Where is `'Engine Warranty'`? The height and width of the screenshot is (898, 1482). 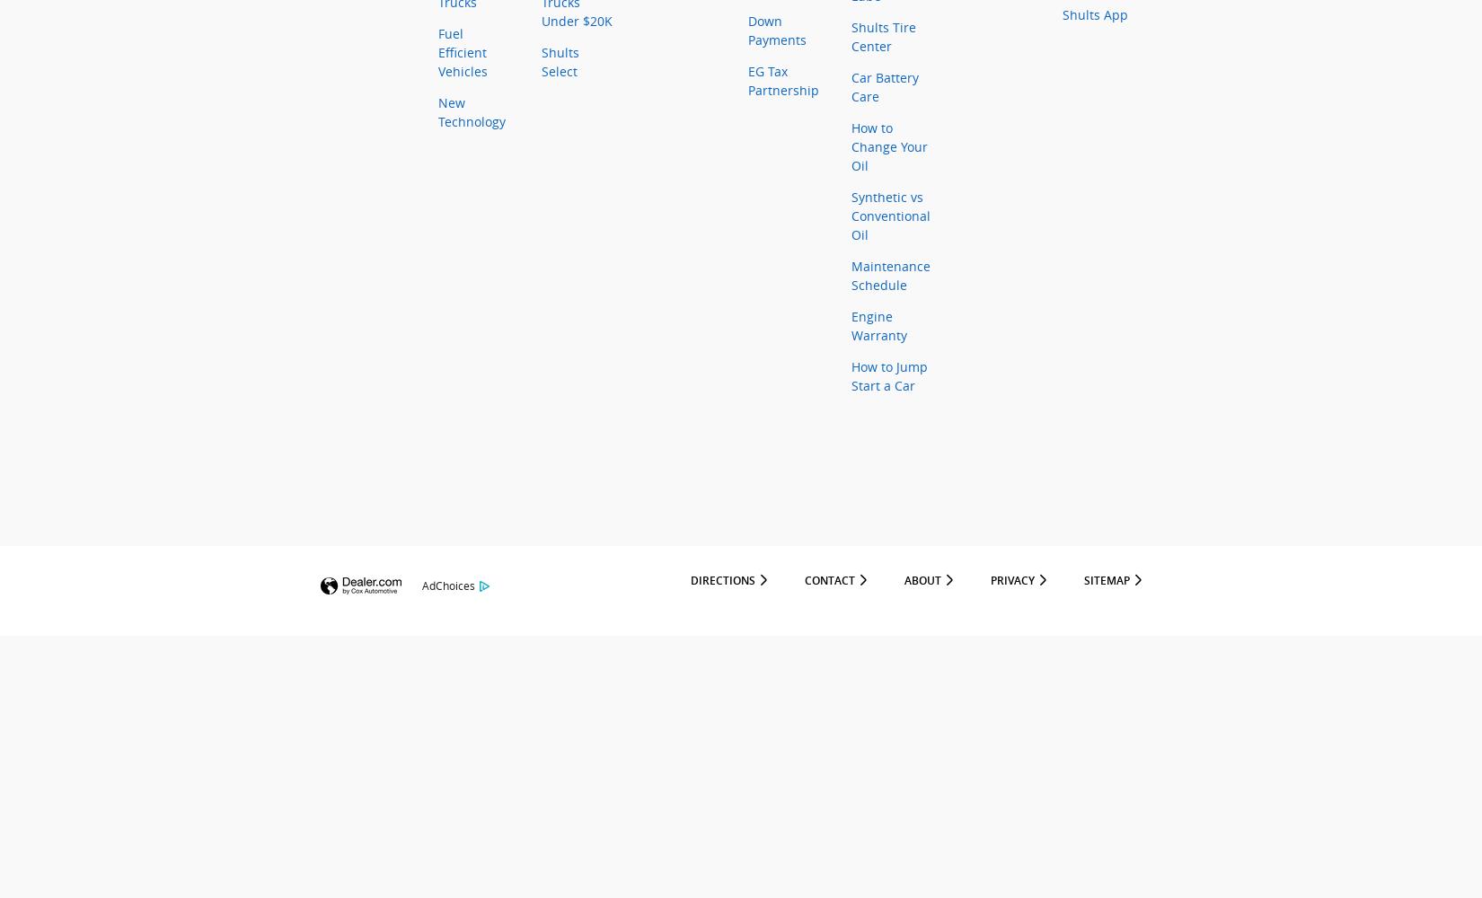 'Engine Warranty' is located at coordinates (878, 325).